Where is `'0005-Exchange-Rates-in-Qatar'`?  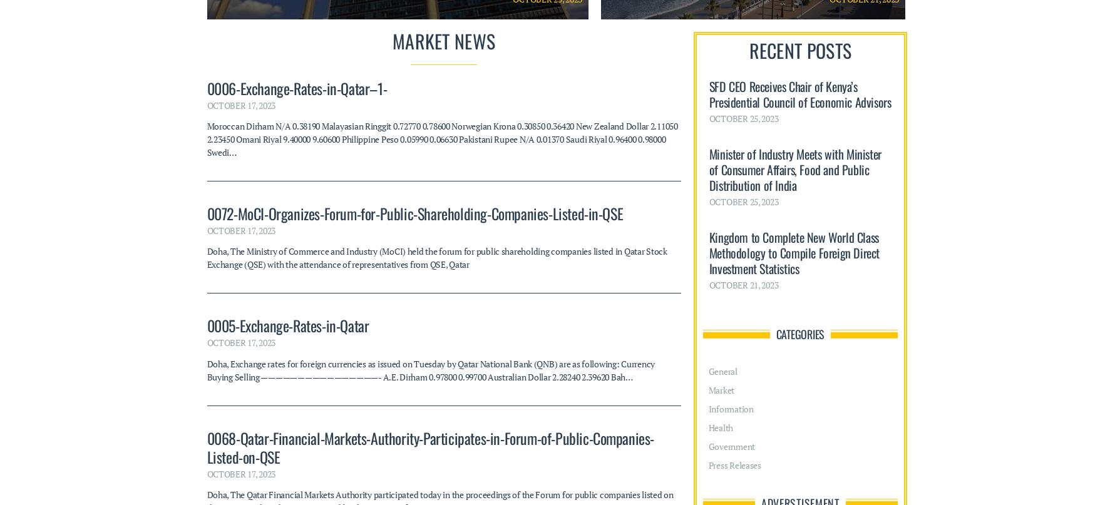 '0005-Exchange-Rates-in-Qatar' is located at coordinates (287, 81).